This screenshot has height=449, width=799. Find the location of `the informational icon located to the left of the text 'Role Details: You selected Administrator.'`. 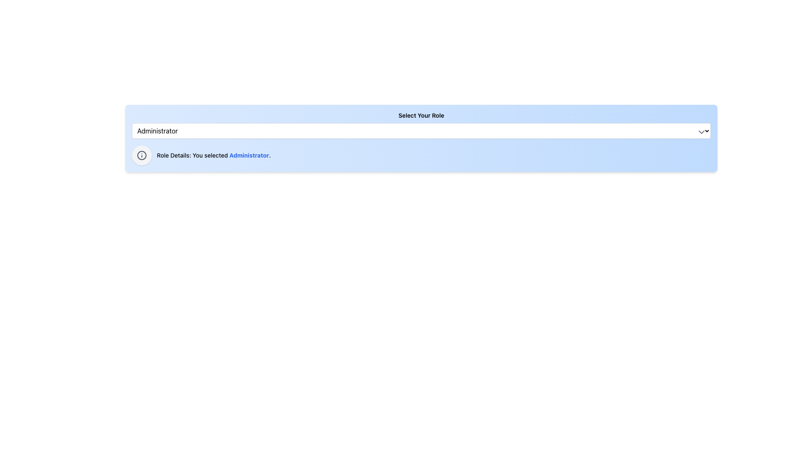

the informational icon located to the left of the text 'Role Details: You selected Administrator.' is located at coordinates (141, 155).